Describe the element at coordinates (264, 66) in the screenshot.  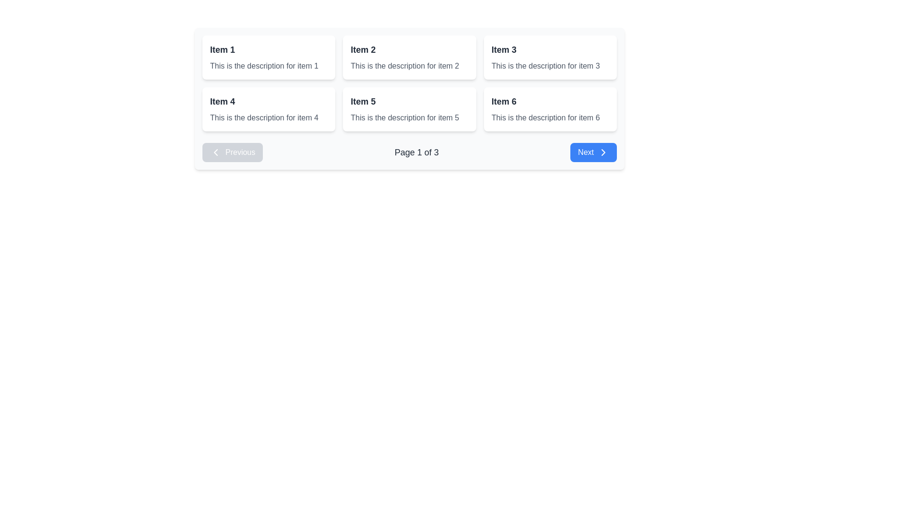
I see `the Text label that reads 'This is the description for item 1', which is styled in gray and located directly beneath the bold title 'Item 1'` at that location.